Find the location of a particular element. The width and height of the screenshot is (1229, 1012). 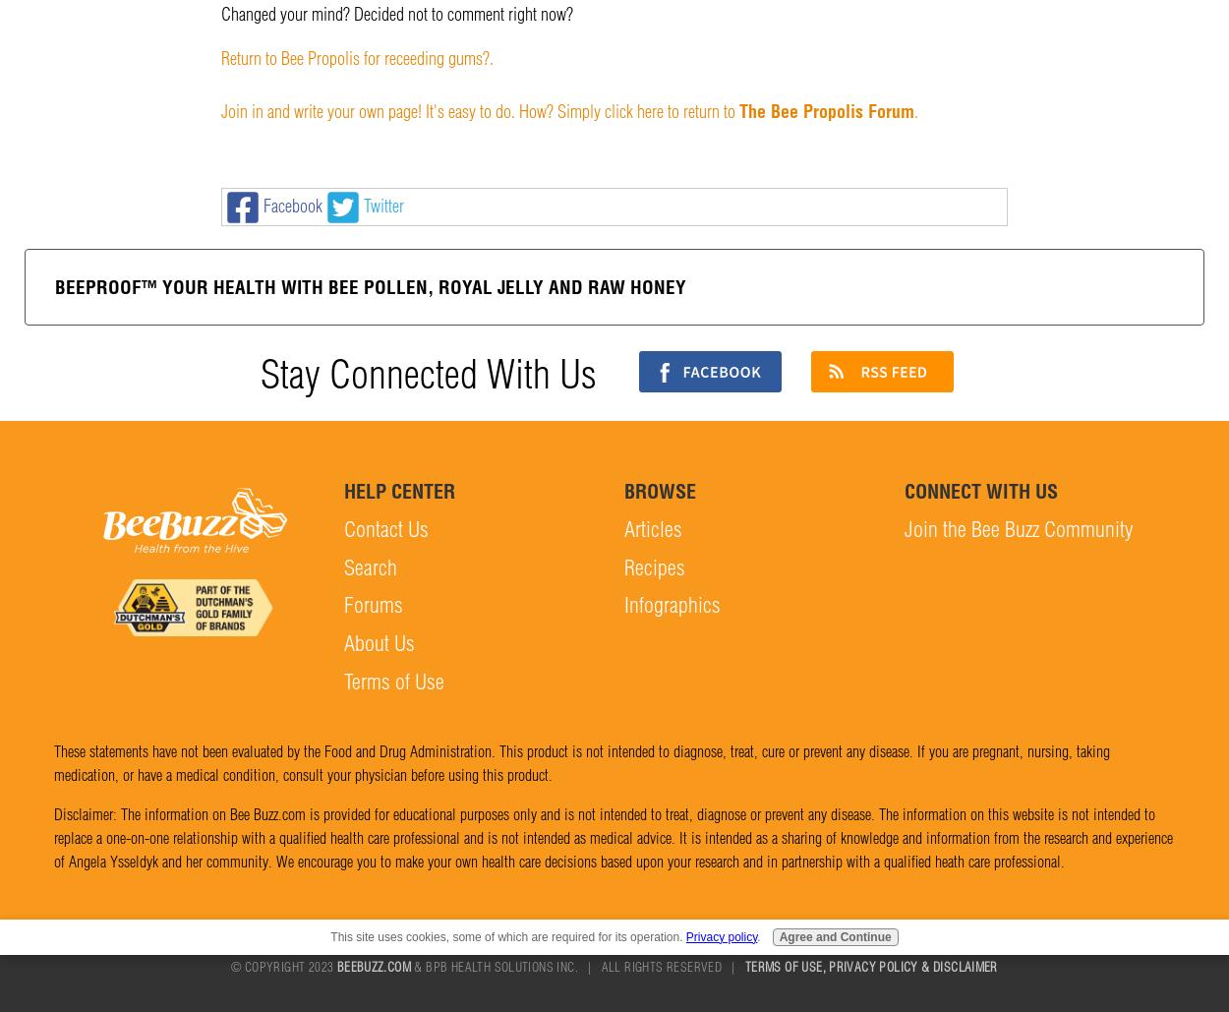

'BeeBuzz.com' is located at coordinates (374, 966).